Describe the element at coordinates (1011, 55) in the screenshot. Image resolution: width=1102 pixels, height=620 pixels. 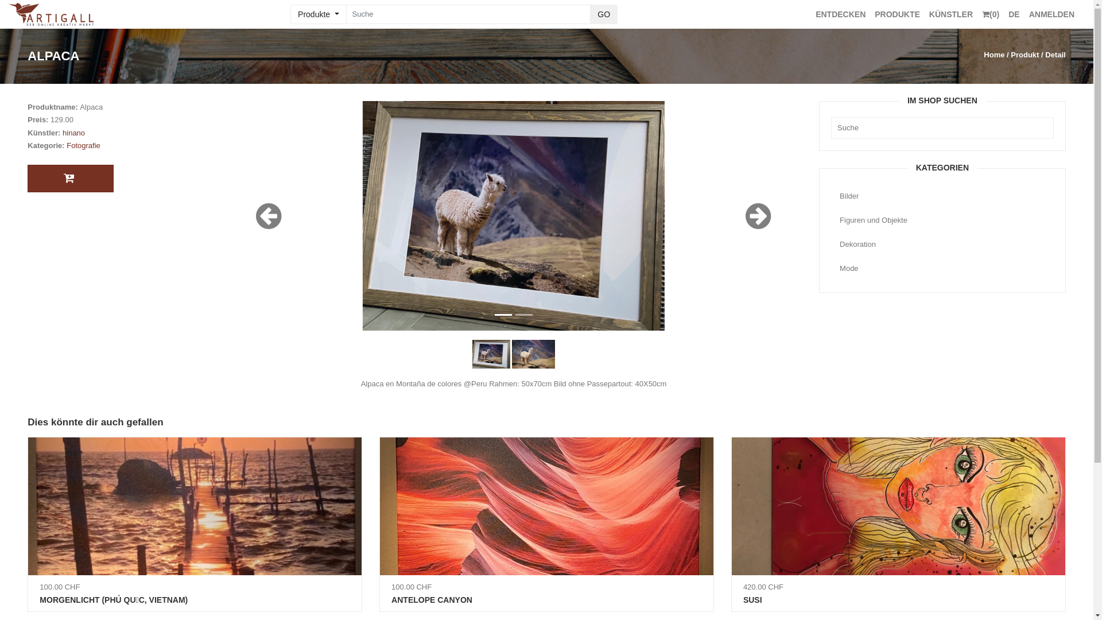
I see `'Produkt'` at that location.